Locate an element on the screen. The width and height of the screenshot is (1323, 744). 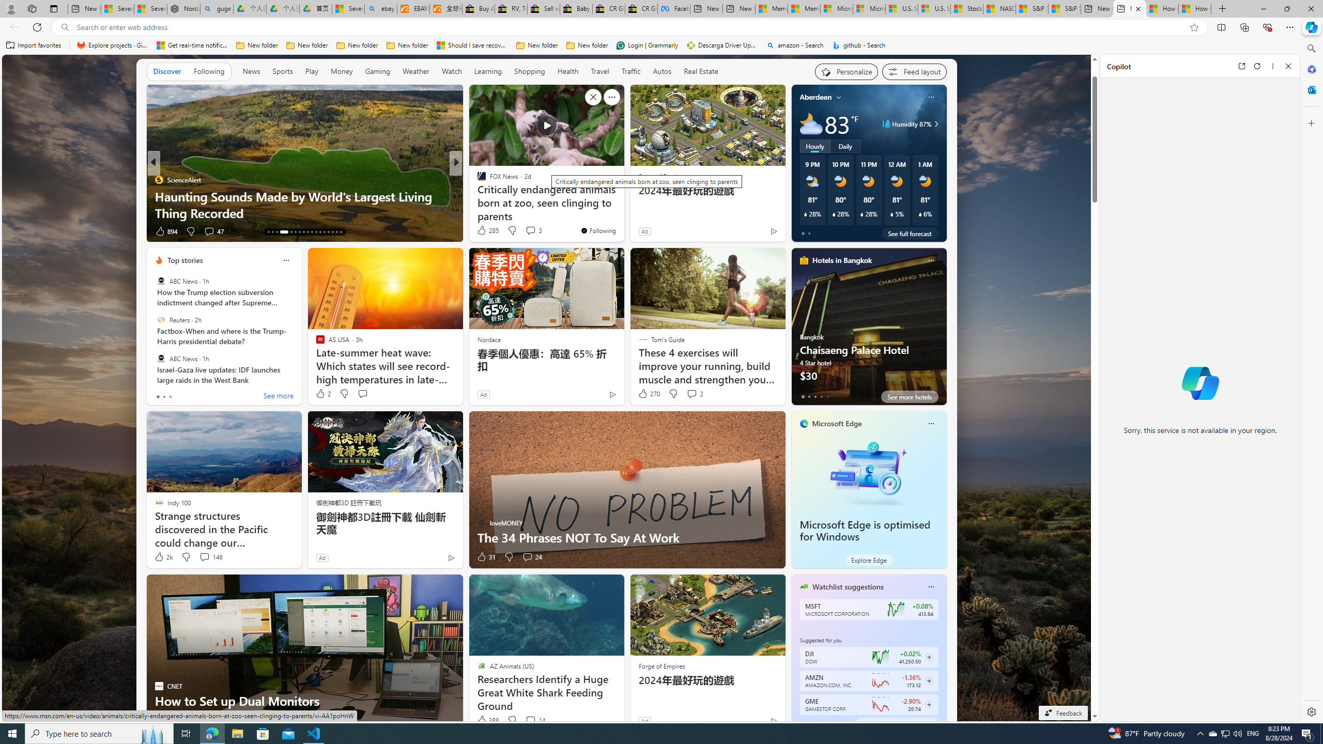
'Side bar' is located at coordinates (1311, 380).